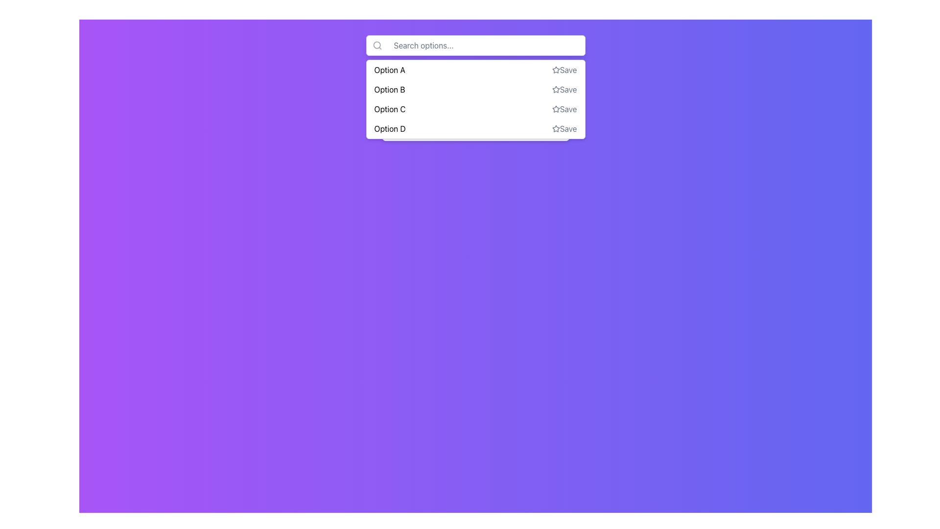  Describe the element at coordinates (556, 109) in the screenshot. I see `the star icon associated with 'Option C' in the dropdown to trigger tooltip or highlighting effects` at that location.